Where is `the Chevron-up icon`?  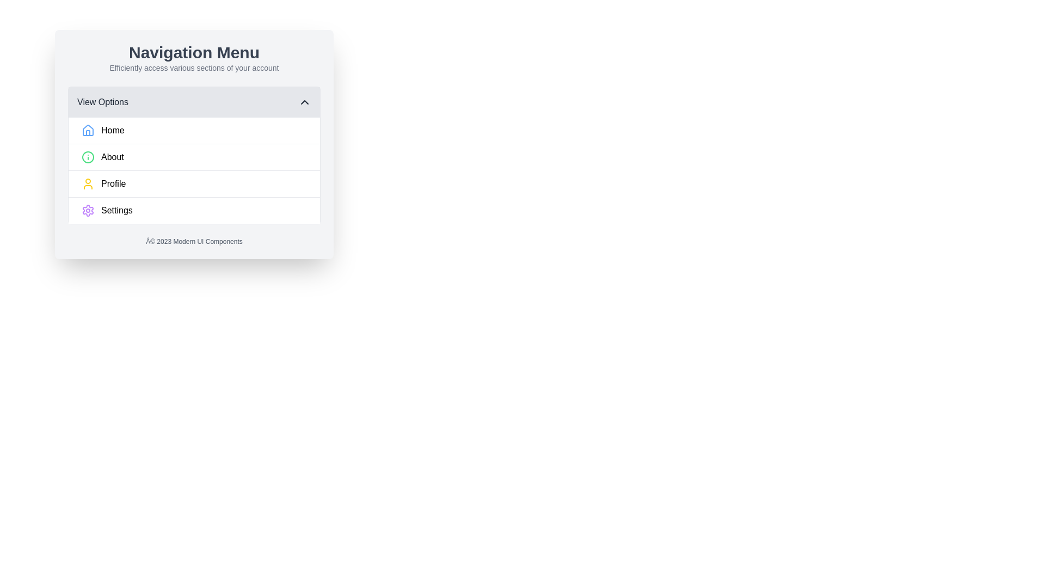 the Chevron-up icon is located at coordinates (305, 102).